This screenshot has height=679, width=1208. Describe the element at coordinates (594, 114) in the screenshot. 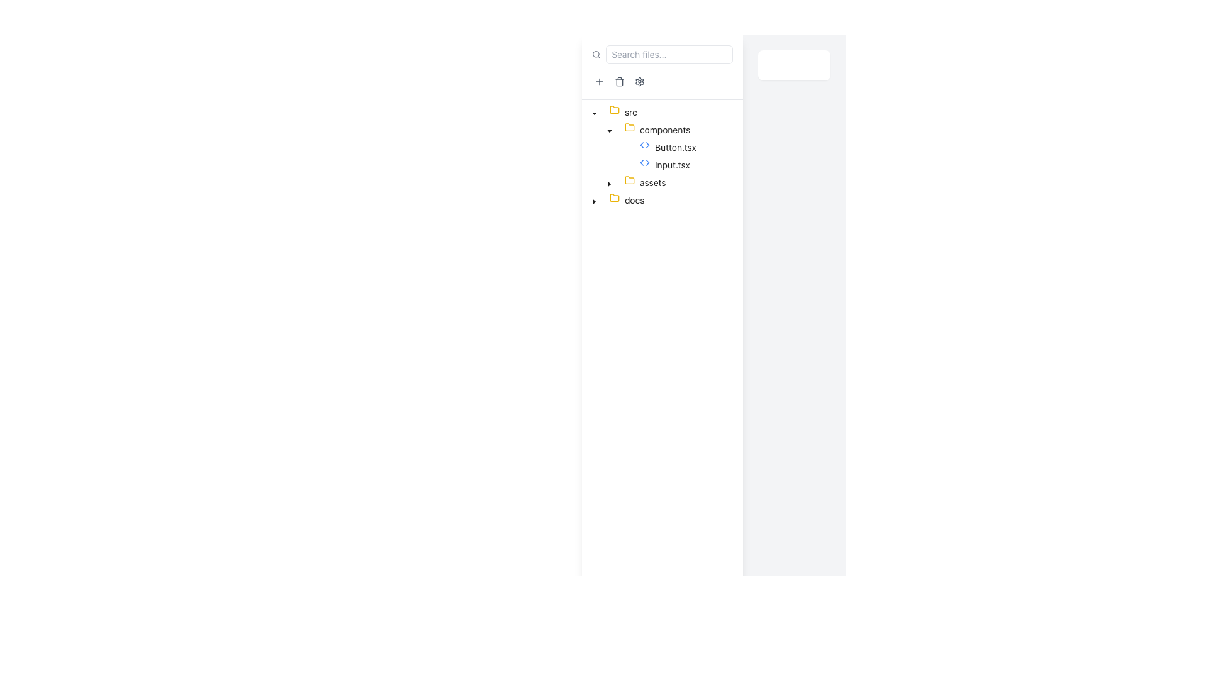

I see `the downward-pointing caret icon next to the 'src' folder` at that location.